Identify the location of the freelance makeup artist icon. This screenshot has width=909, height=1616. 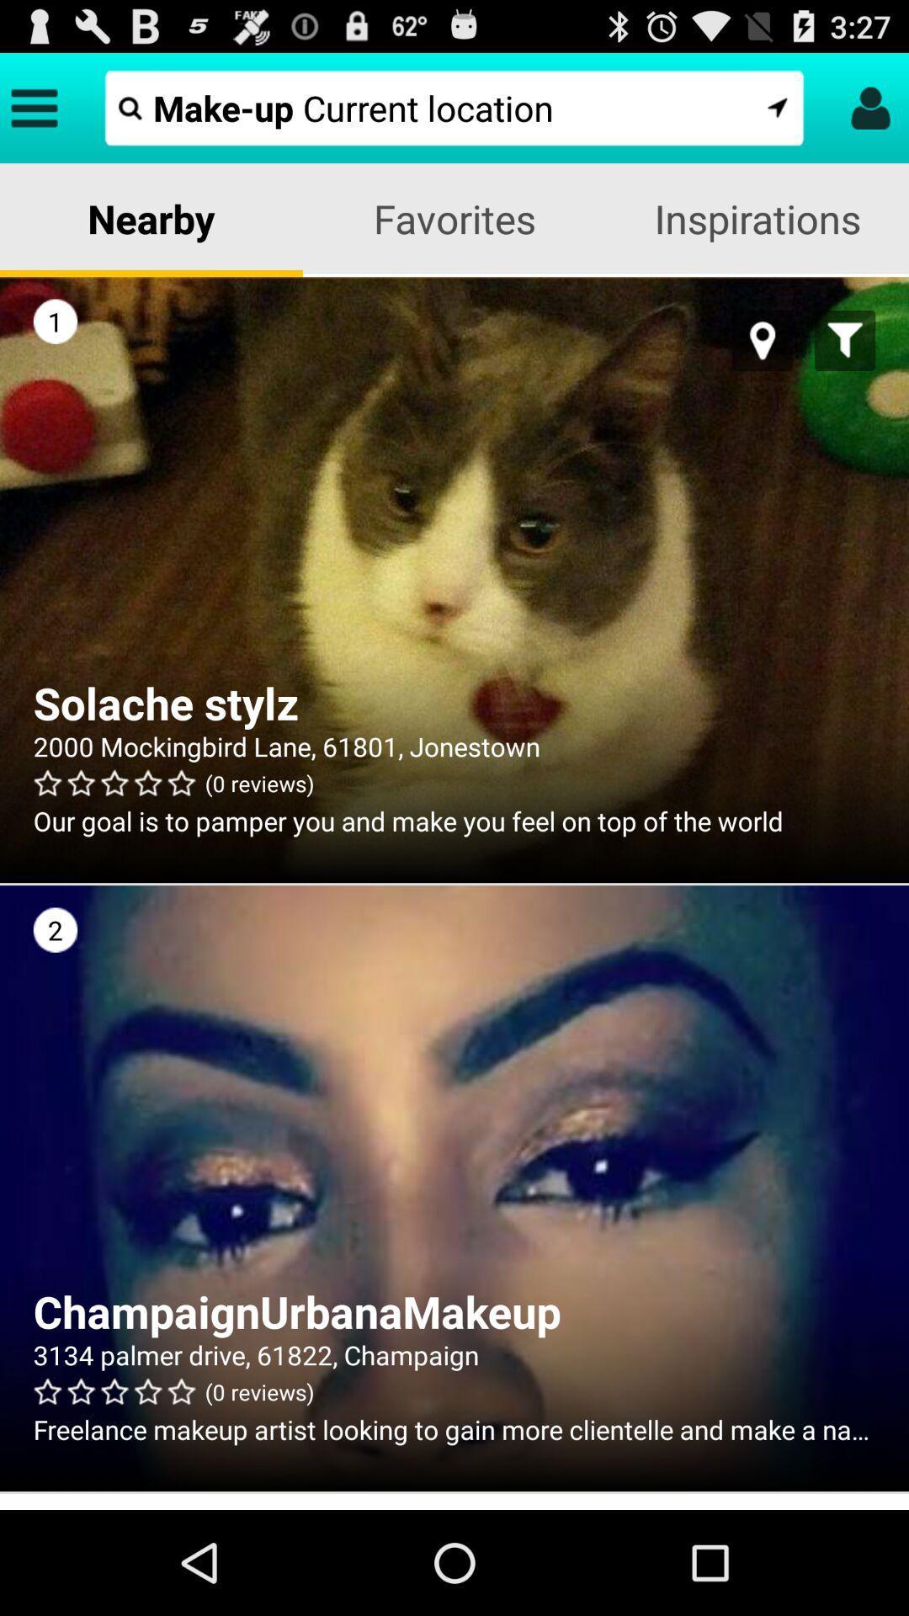
(454, 1428).